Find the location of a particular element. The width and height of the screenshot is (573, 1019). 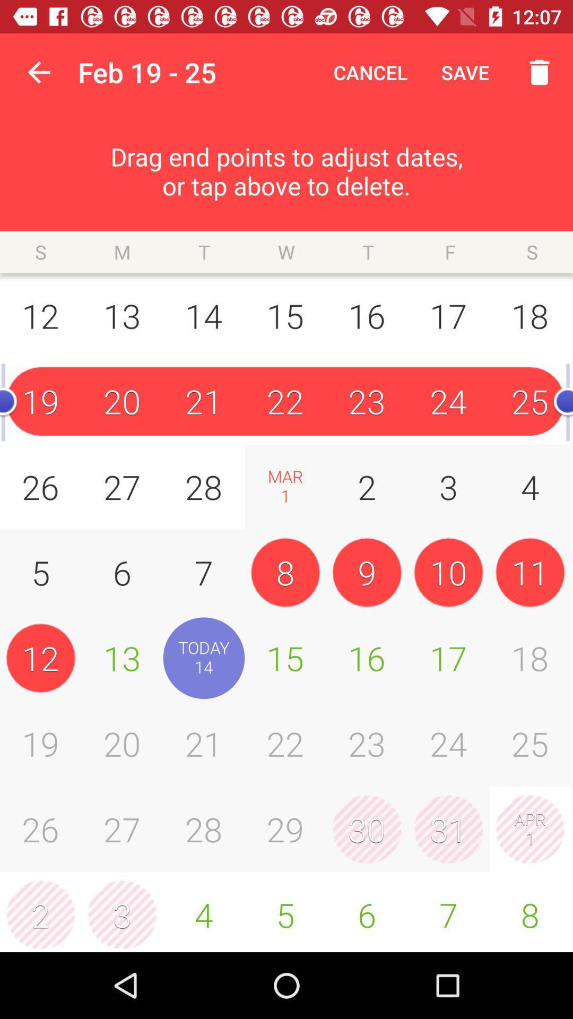

cancel item is located at coordinates (370, 72).